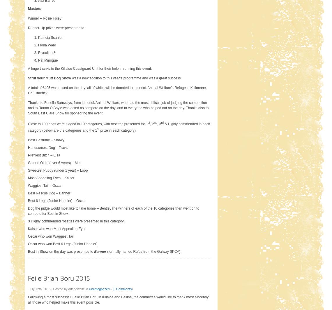  I want to click on 'Banner', so click(94, 251).